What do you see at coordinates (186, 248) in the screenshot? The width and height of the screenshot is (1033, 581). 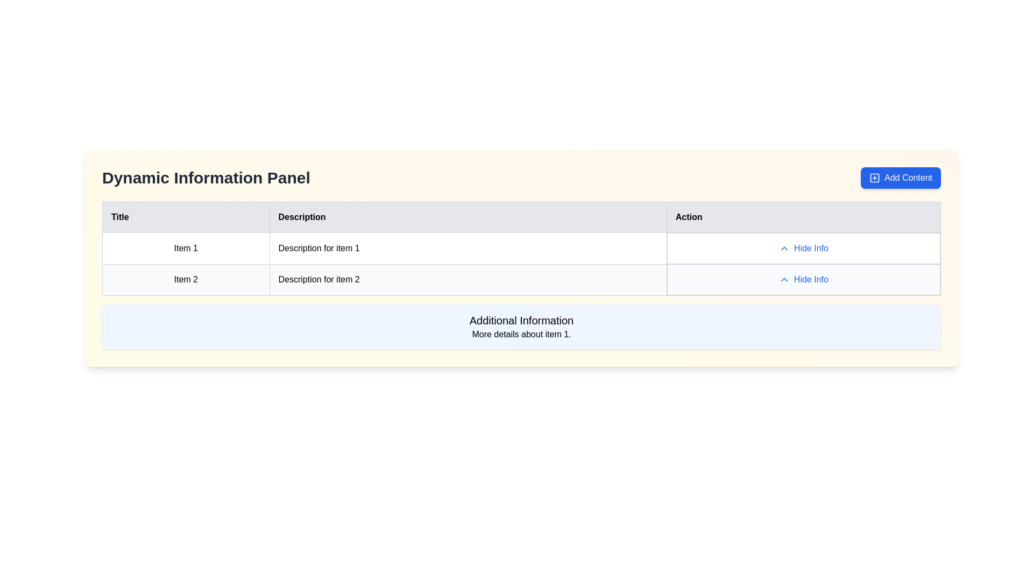 I see `the text label 'Item 1' located in the 'Title' column of the table, which is the first row entry adjacent to 'Description for item 1'` at bounding box center [186, 248].